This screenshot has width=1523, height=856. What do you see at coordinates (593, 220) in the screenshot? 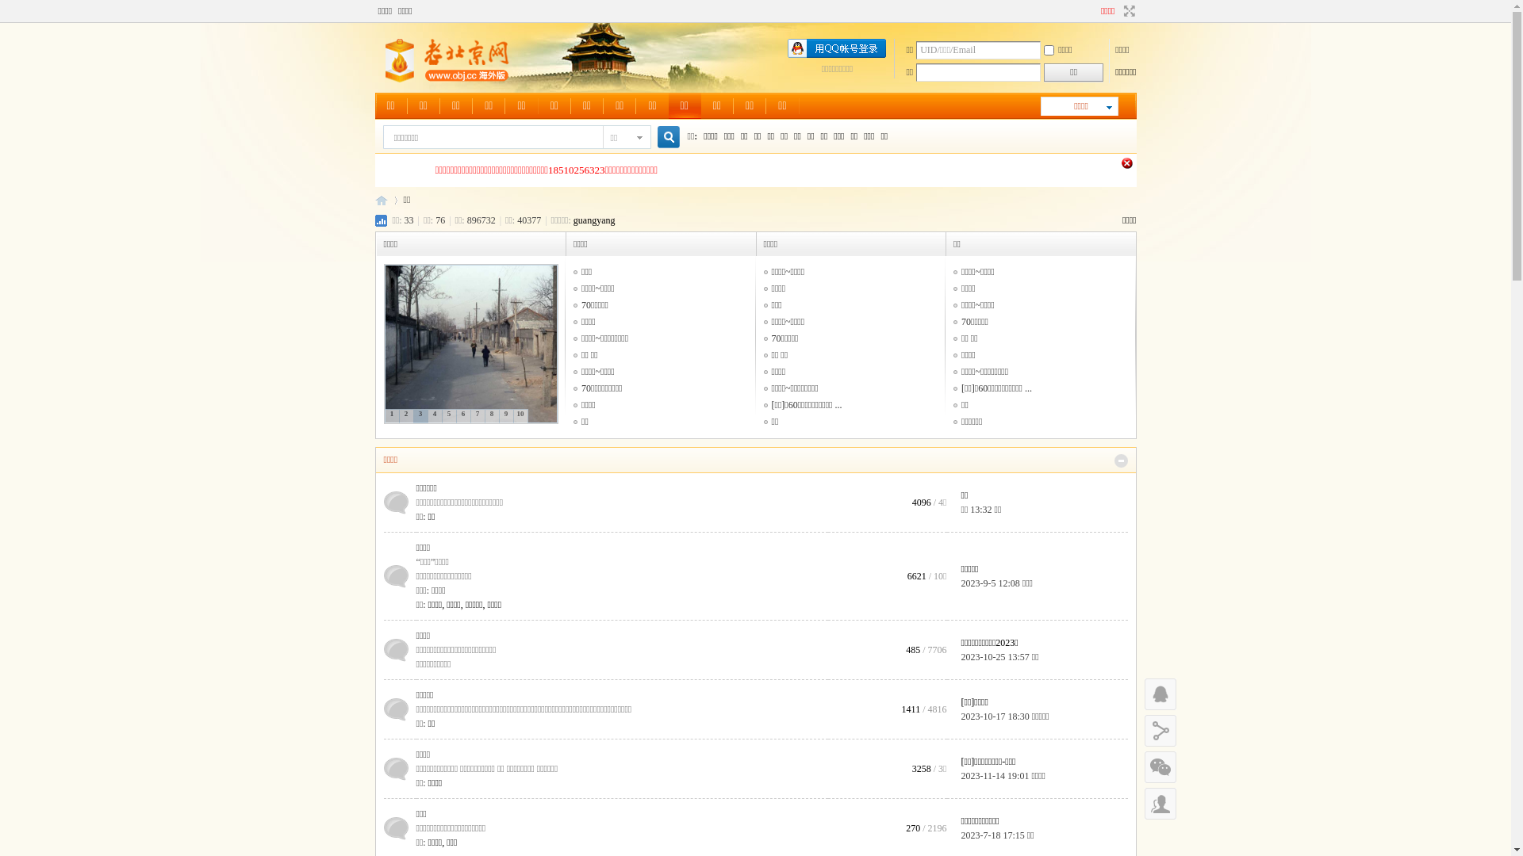
I see `'guangyang'` at bounding box center [593, 220].